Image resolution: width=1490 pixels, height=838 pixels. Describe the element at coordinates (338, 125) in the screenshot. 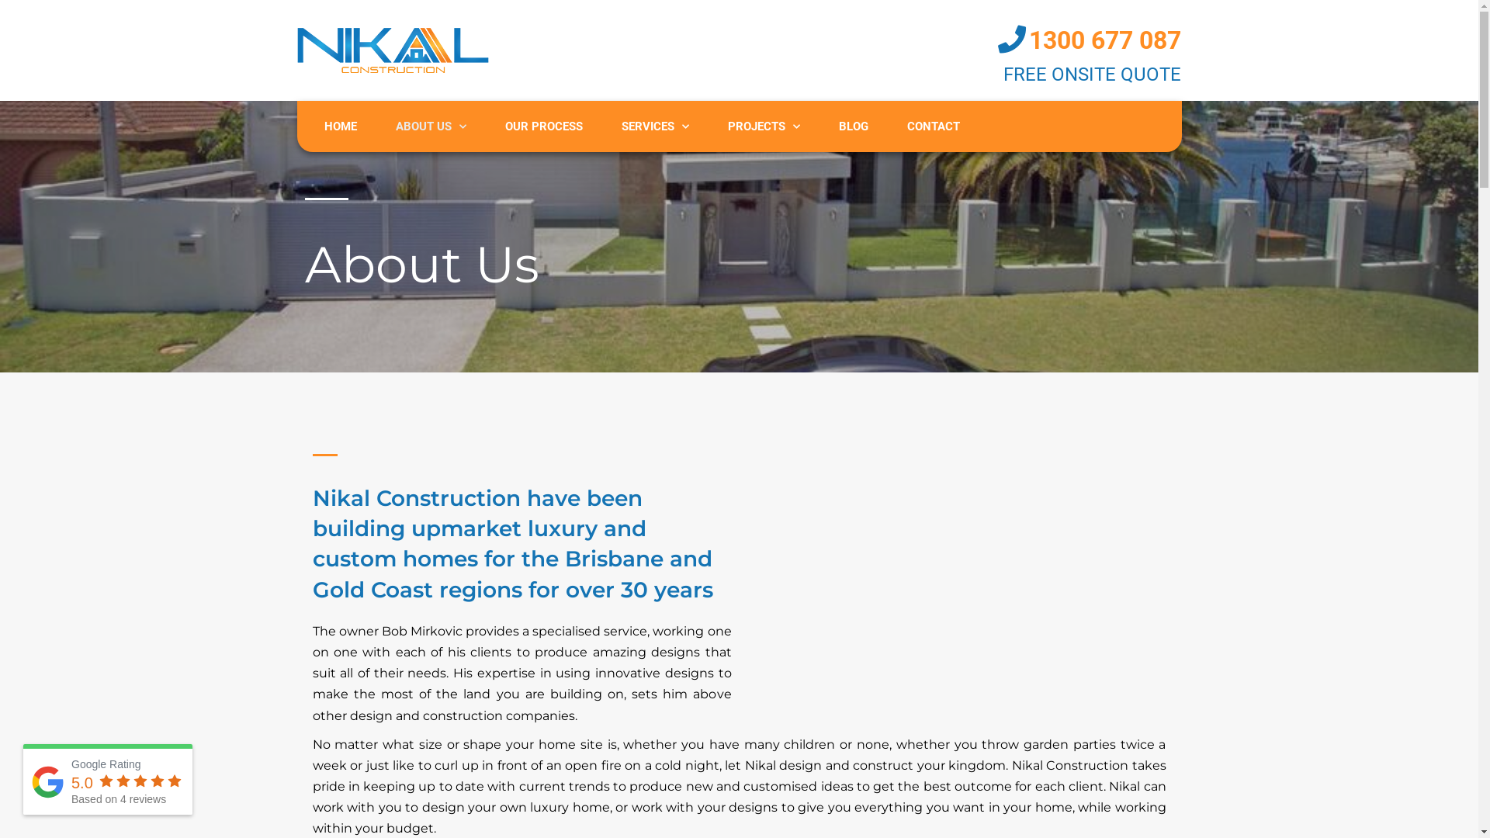

I see `'HOME'` at that location.